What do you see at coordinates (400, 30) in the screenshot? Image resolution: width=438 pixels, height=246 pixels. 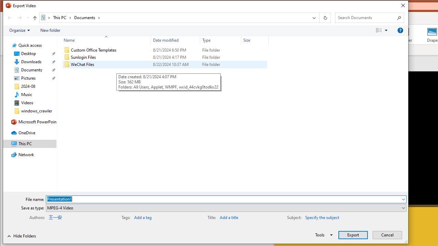 I see `'&Help'` at bounding box center [400, 30].